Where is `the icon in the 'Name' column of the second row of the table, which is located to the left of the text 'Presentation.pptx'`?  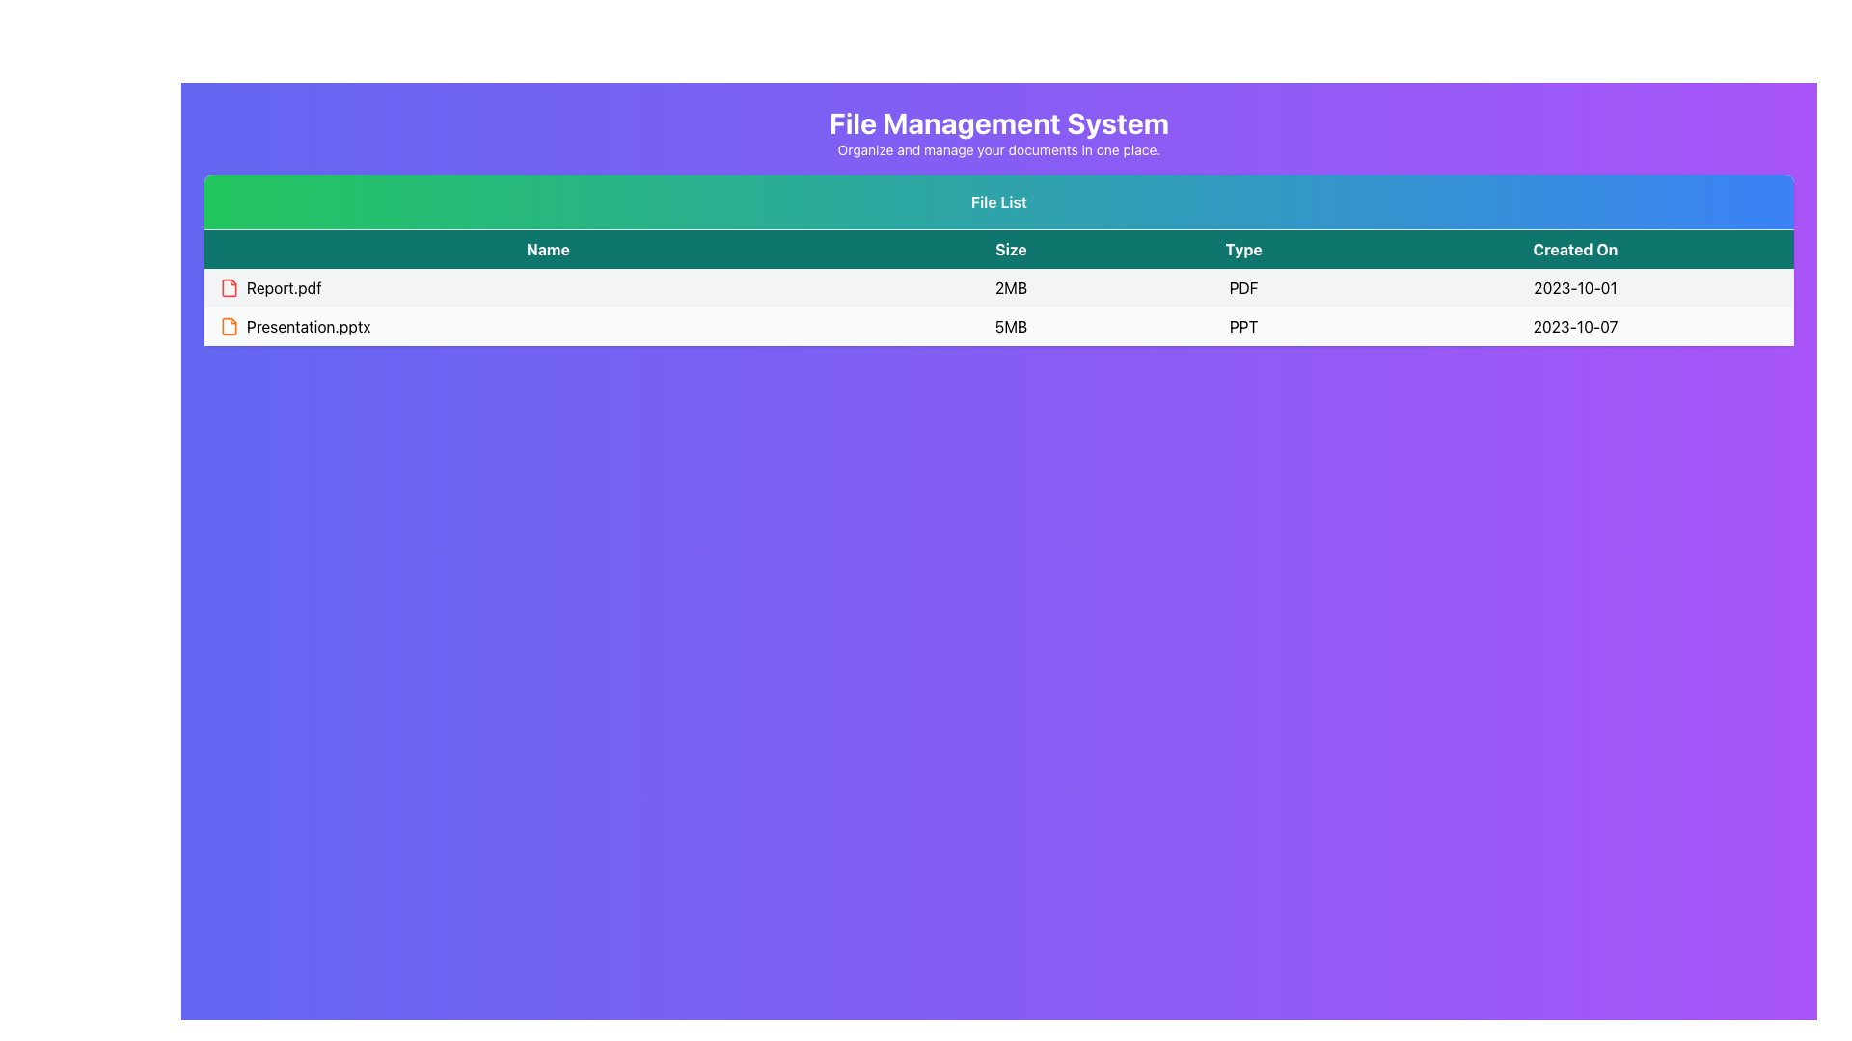
the icon in the 'Name' column of the second row of the table, which is located to the left of the text 'Presentation.pptx' is located at coordinates (230, 326).